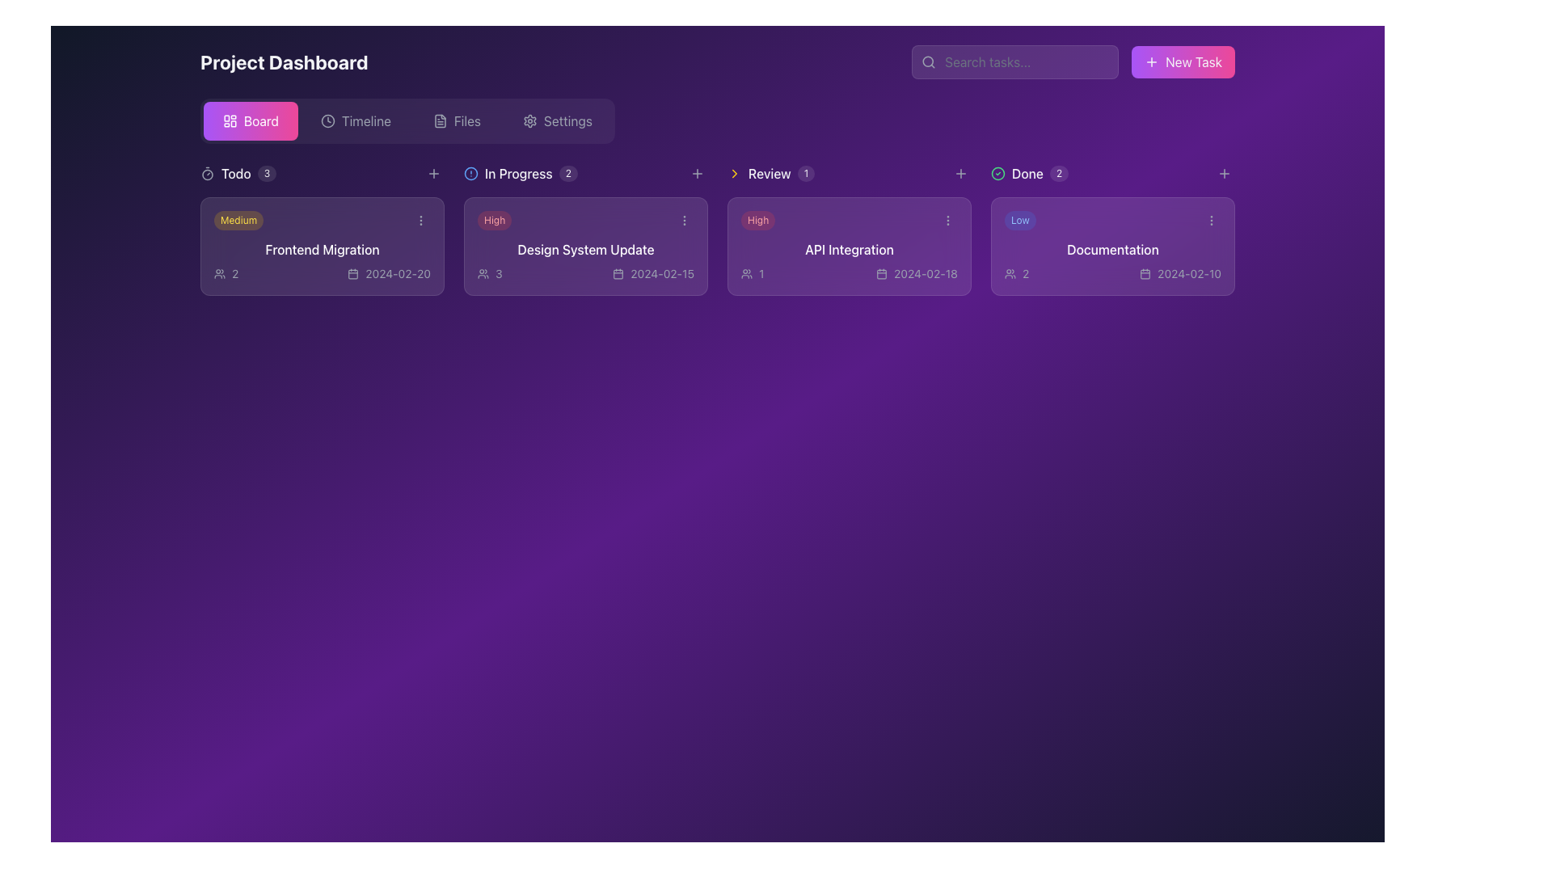 Image resolution: width=1552 pixels, height=873 pixels. I want to click on Label indicating the priority or status of the task associated with the 'API Integration' card in the 'Review' column of the 'Project Dashboard', so click(849, 221).